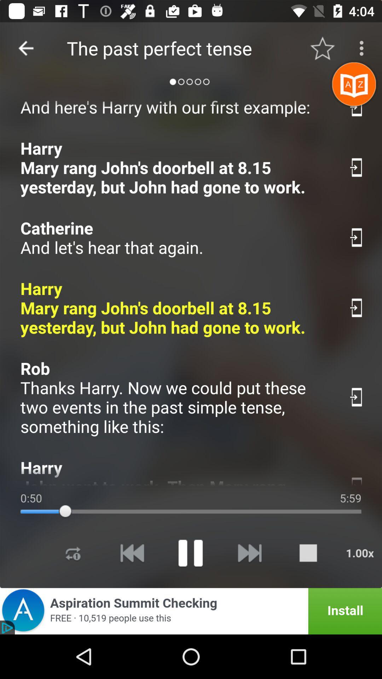 The image size is (382, 679). I want to click on the skip_next icon, so click(249, 552).